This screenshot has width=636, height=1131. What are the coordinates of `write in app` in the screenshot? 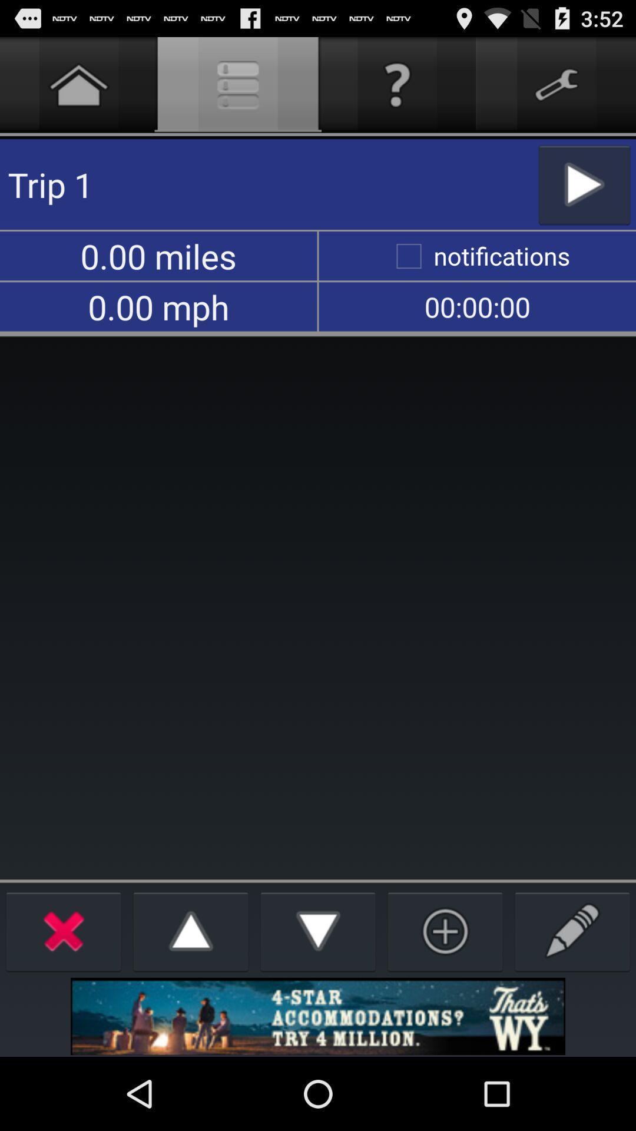 It's located at (572, 930).